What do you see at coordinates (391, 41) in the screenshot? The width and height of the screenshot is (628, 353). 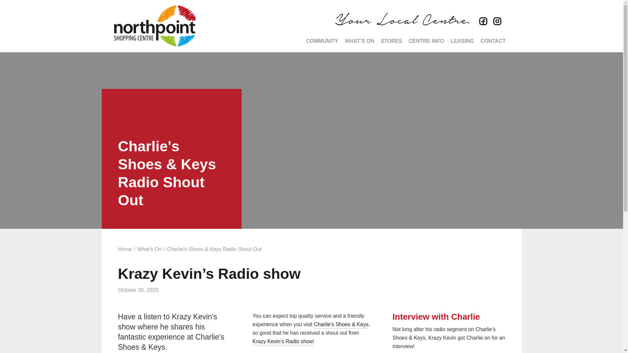 I see `'STORES'` at bounding box center [391, 41].